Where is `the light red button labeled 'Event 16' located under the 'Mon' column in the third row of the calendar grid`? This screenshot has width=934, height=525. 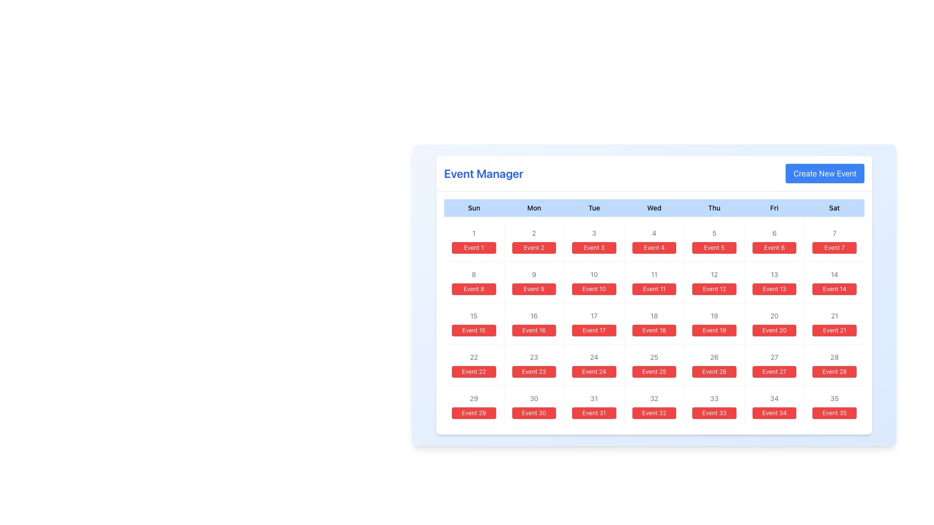
the light red button labeled 'Event 16' located under the 'Mon' column in the third row of the calendar grid is located at coordinates (533, 324).